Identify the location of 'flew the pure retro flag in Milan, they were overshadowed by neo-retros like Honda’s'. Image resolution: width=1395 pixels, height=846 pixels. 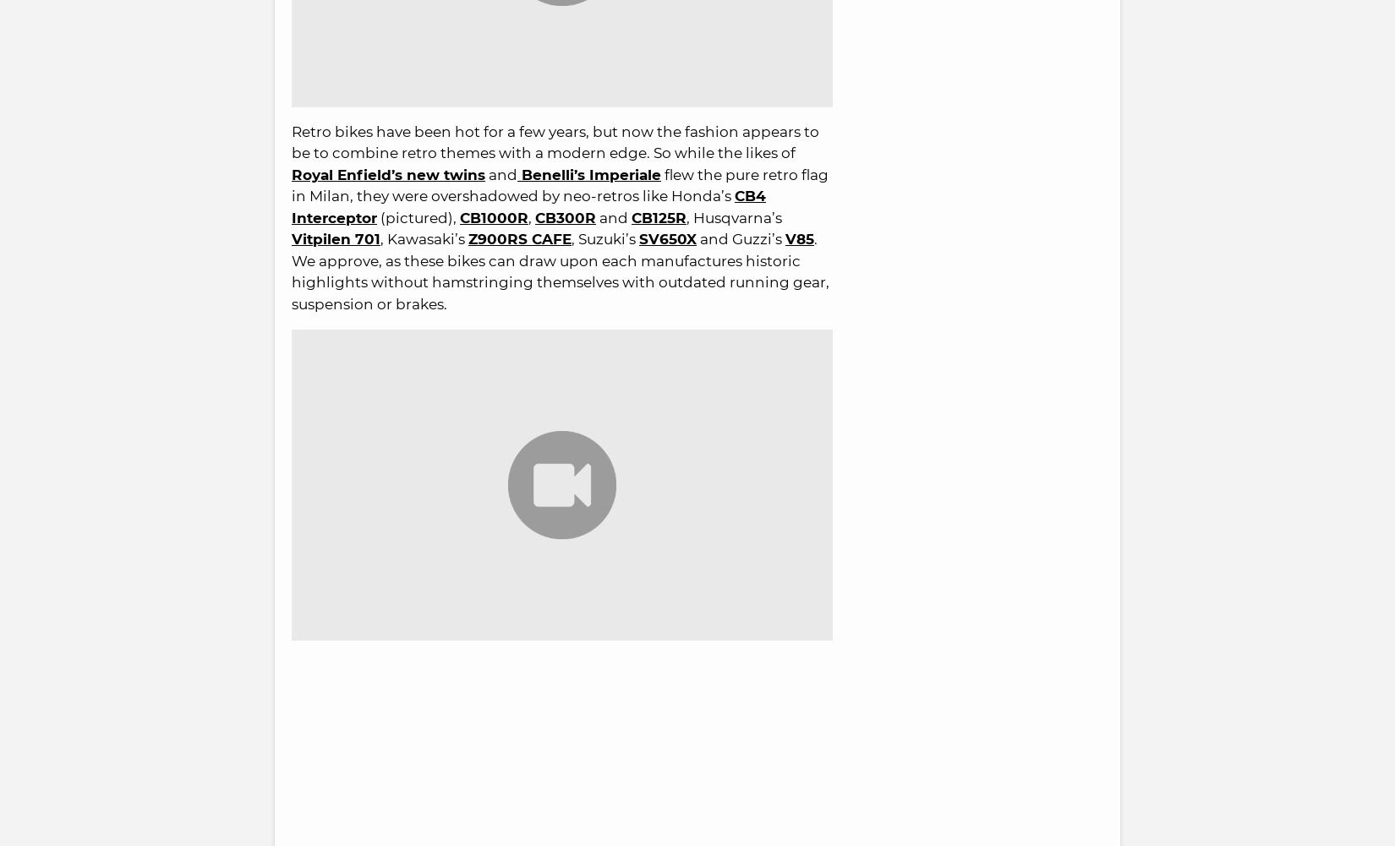
(559, 184).